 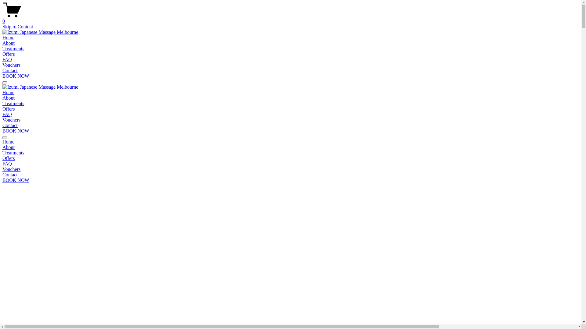 I want to click on 'Vouchers', so click(x=11, y=120).